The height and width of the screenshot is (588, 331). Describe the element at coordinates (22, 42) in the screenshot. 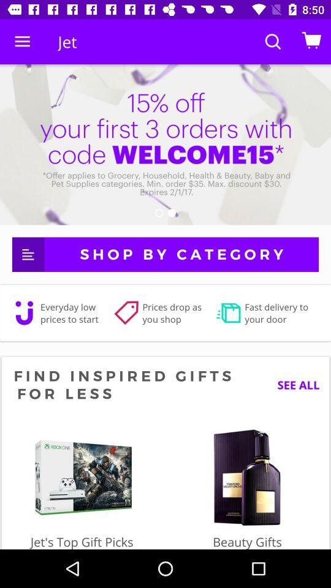

I see `the icon next to jet item` at that location.